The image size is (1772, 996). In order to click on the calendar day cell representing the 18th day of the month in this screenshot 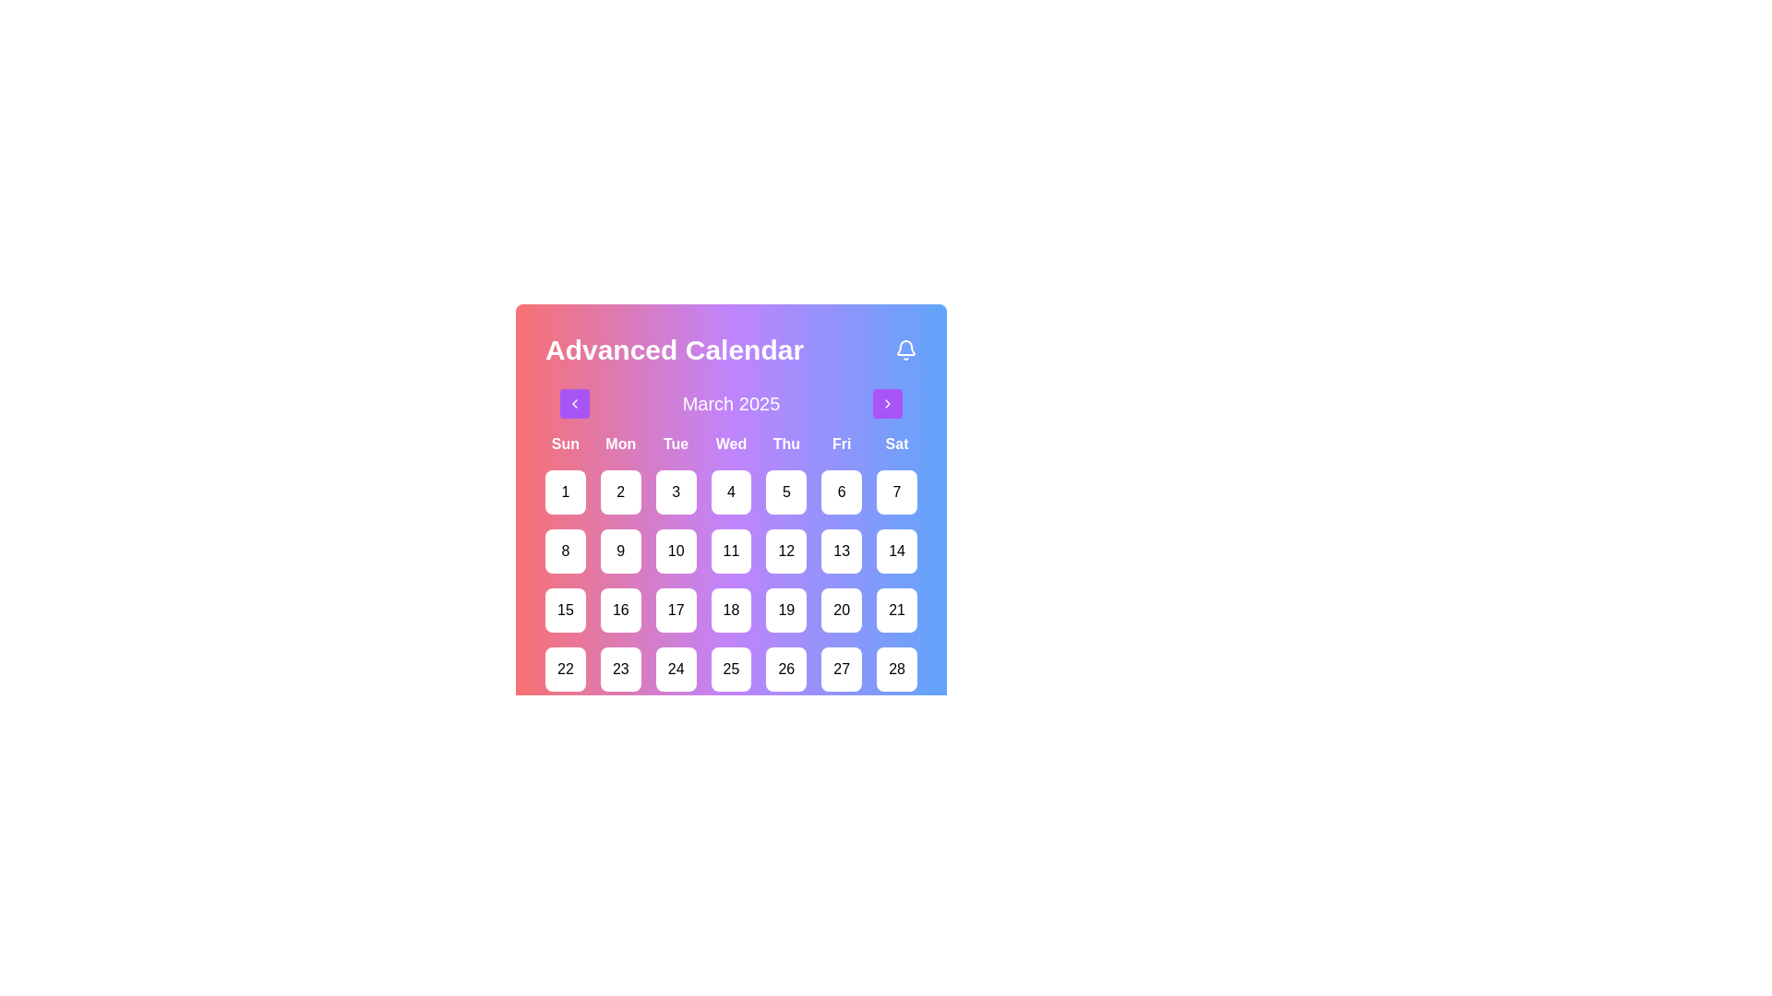, I will do `click(730, 611)`.